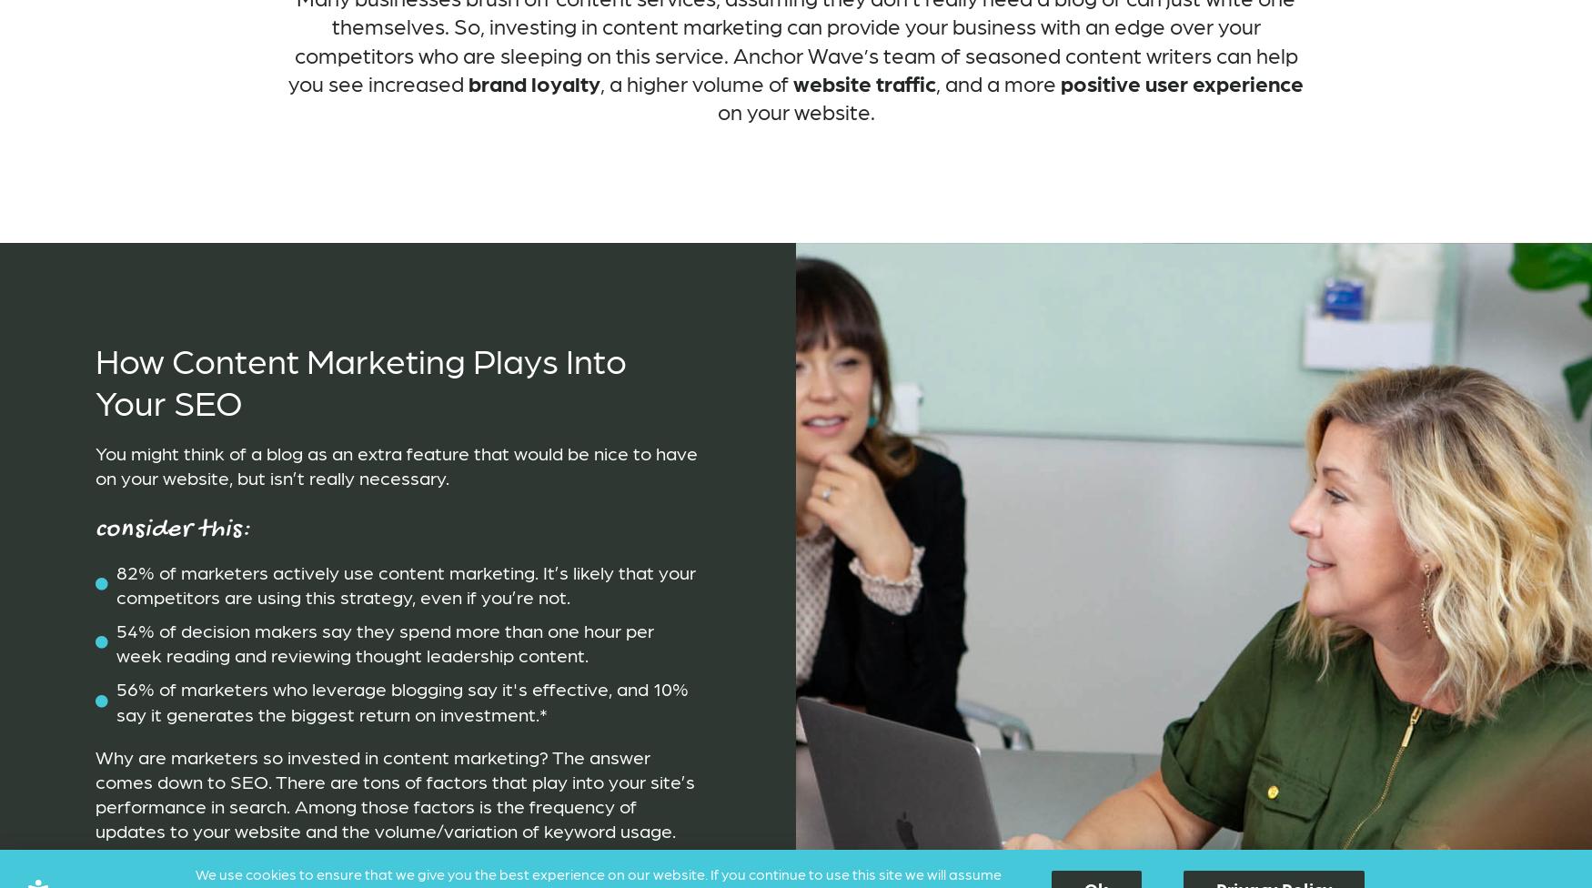  Describe the element at coordinates (401, 700) in the screenshot. I see `'56% of marketers who leverage blogging say it's effective, and 10% say it generates the biggest return on investment.*'` at that location.